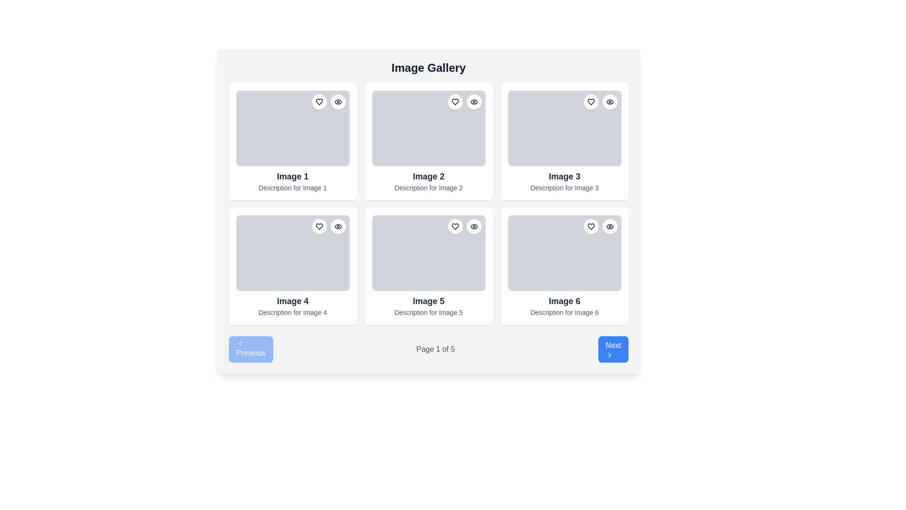  I want to click on the heart icon button located at the top-right corner of the 'Image 5' card in the second row, first column of the grid to like the image, so click(455, 226).